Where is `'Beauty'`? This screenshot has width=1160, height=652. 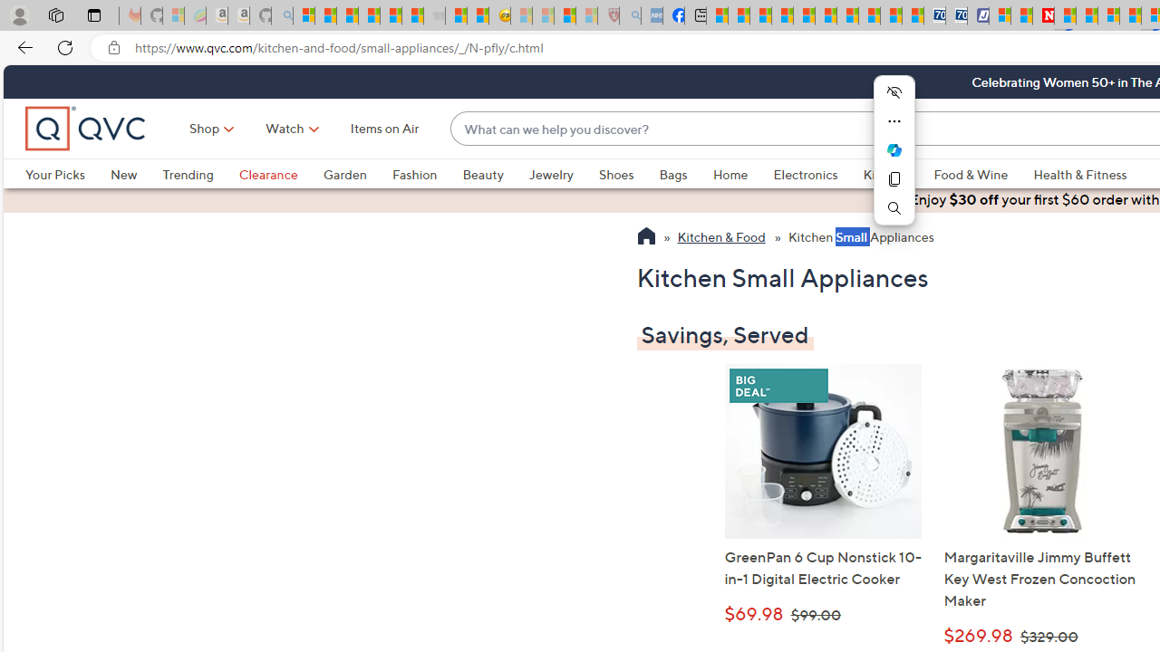 'Beauty' is located at coordinates (495, 174).